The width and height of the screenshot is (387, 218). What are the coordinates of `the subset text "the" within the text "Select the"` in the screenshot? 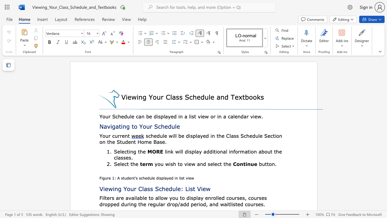 It's located at (130, 164).